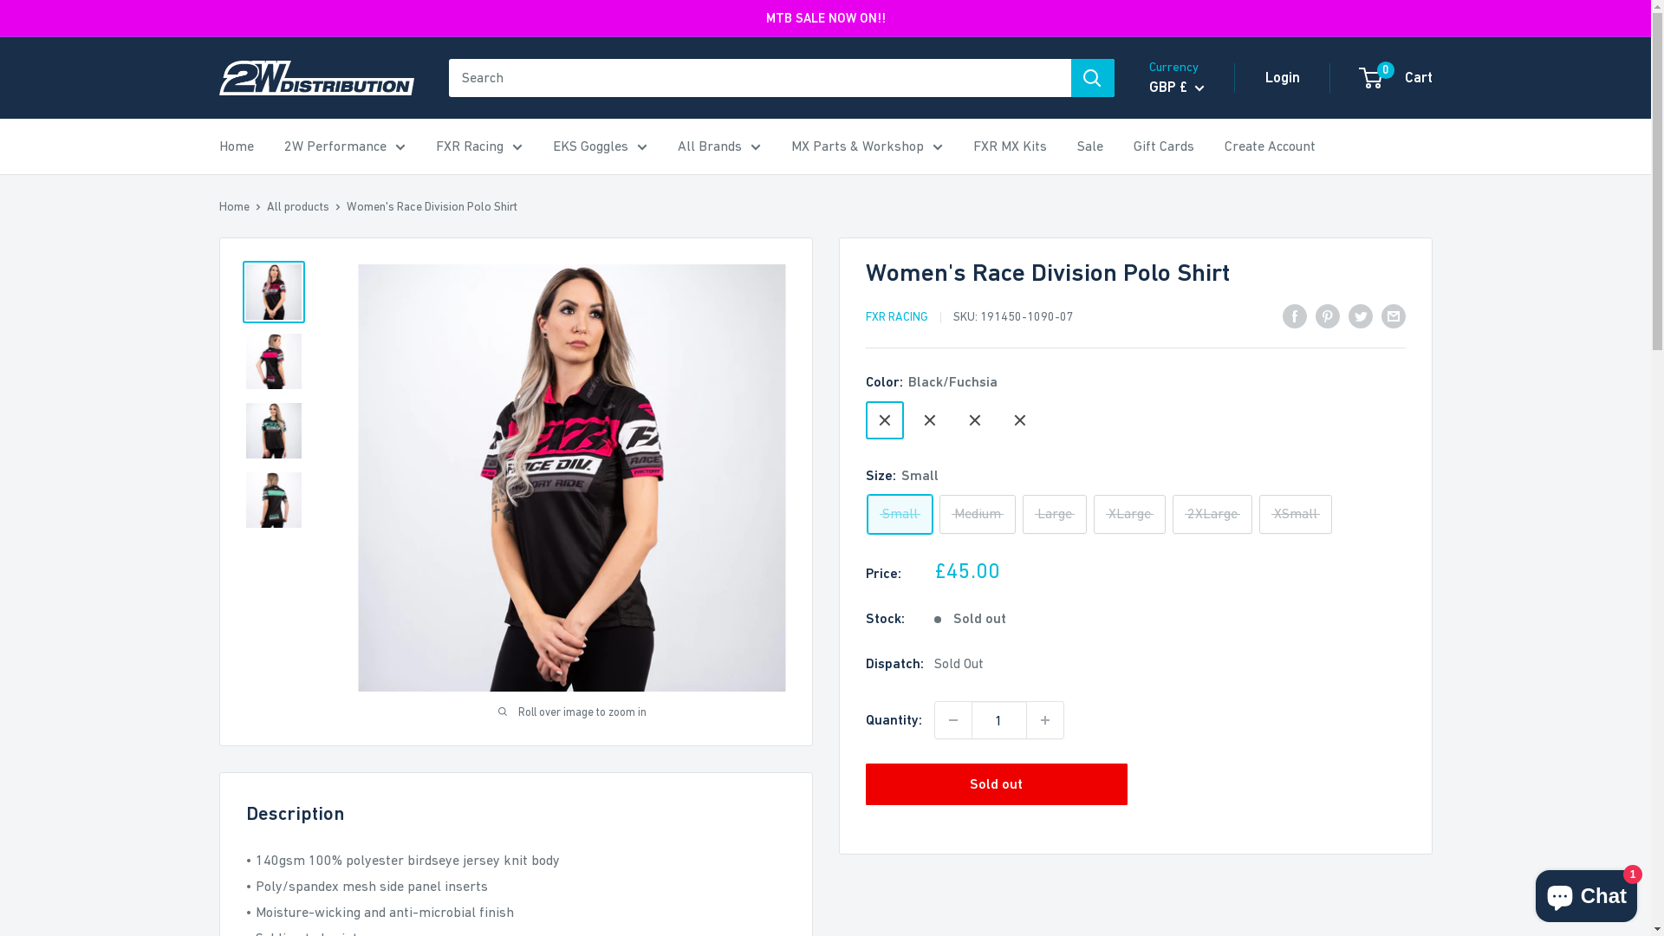 Image resolution: width=1664 pixels, height=936 pixels. I want to click on 'Sold out', so click(996, 784).